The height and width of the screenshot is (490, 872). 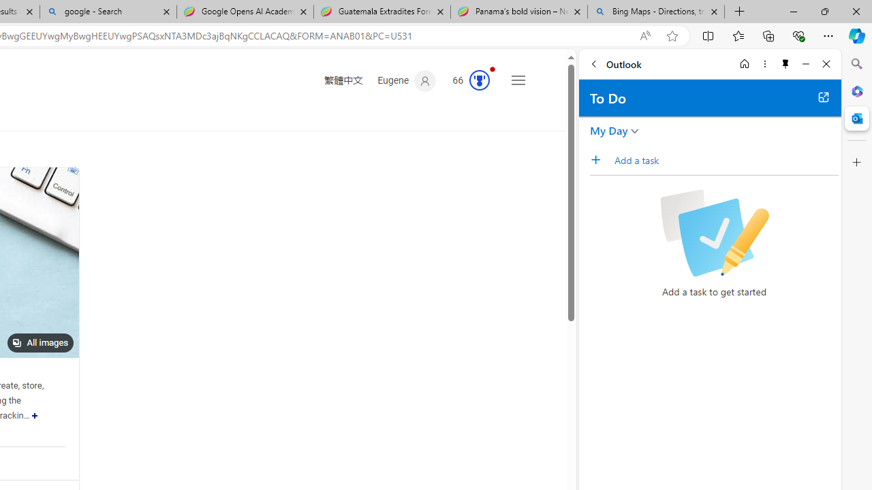 I want to click on 'Settings and quick links', so click(x=517, y=80).